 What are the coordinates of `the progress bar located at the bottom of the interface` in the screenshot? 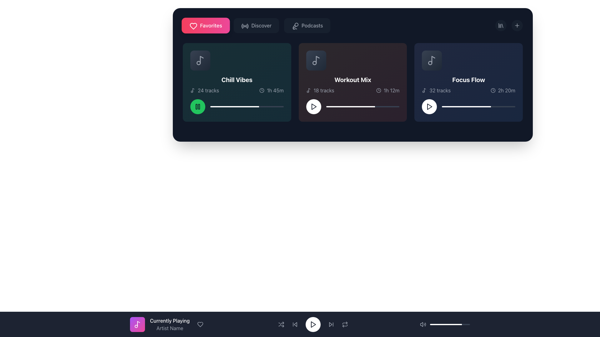 It's located at (450, 324).